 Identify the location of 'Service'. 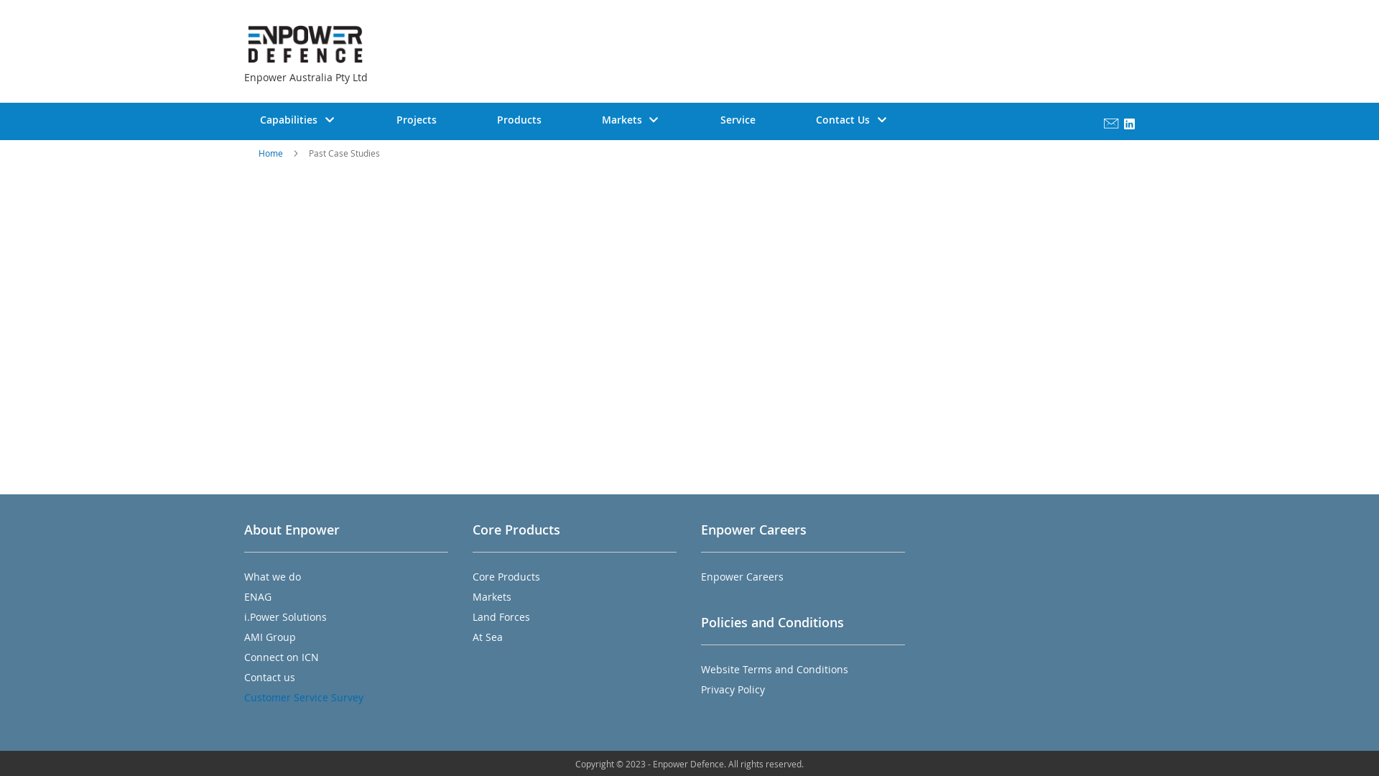
(689, 119).